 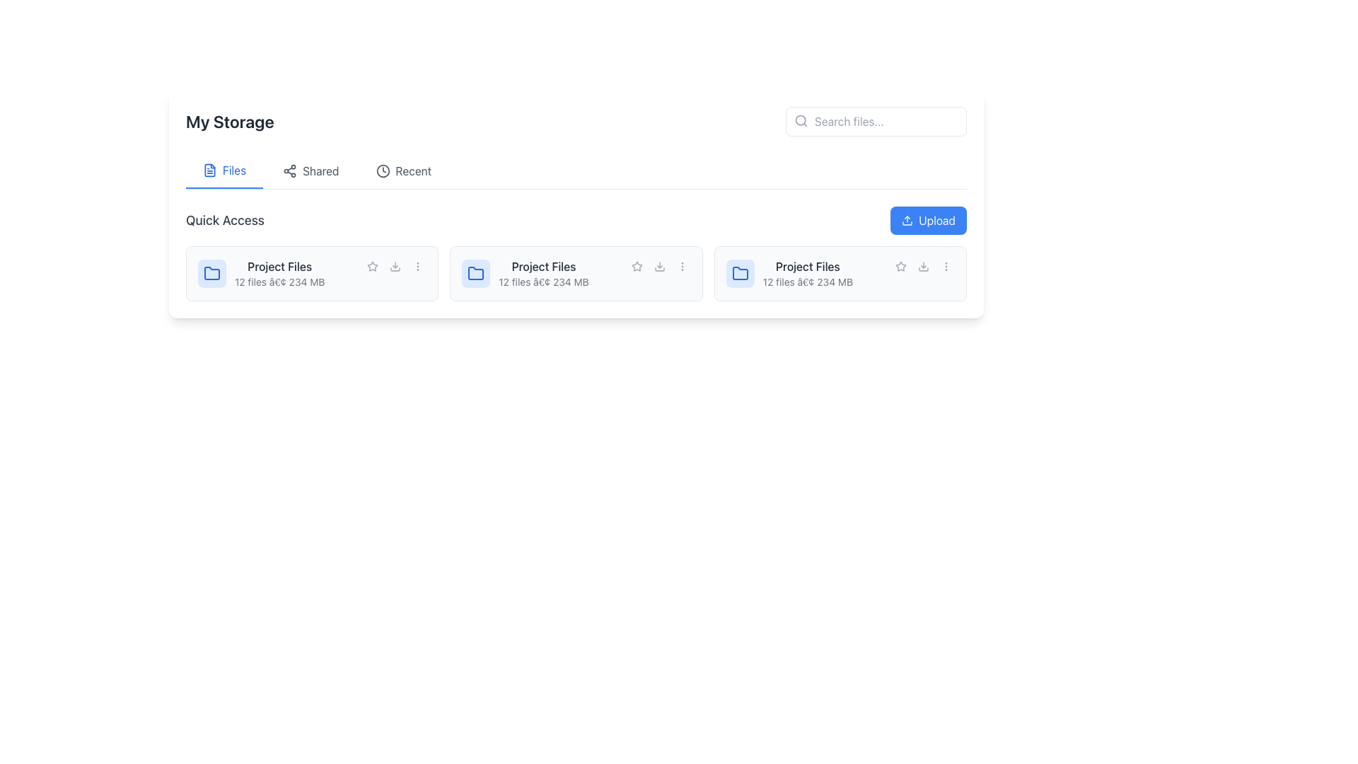 I want to click on the 'more options' button located in the lower-right corner of the file card component, so click(x=946, y=267).